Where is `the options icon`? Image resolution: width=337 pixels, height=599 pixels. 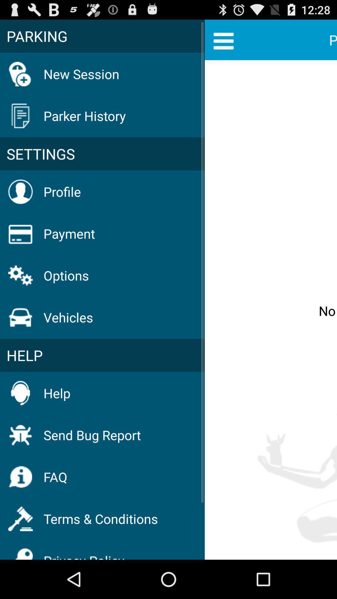
the options icon is located at coordinates (66, 275).